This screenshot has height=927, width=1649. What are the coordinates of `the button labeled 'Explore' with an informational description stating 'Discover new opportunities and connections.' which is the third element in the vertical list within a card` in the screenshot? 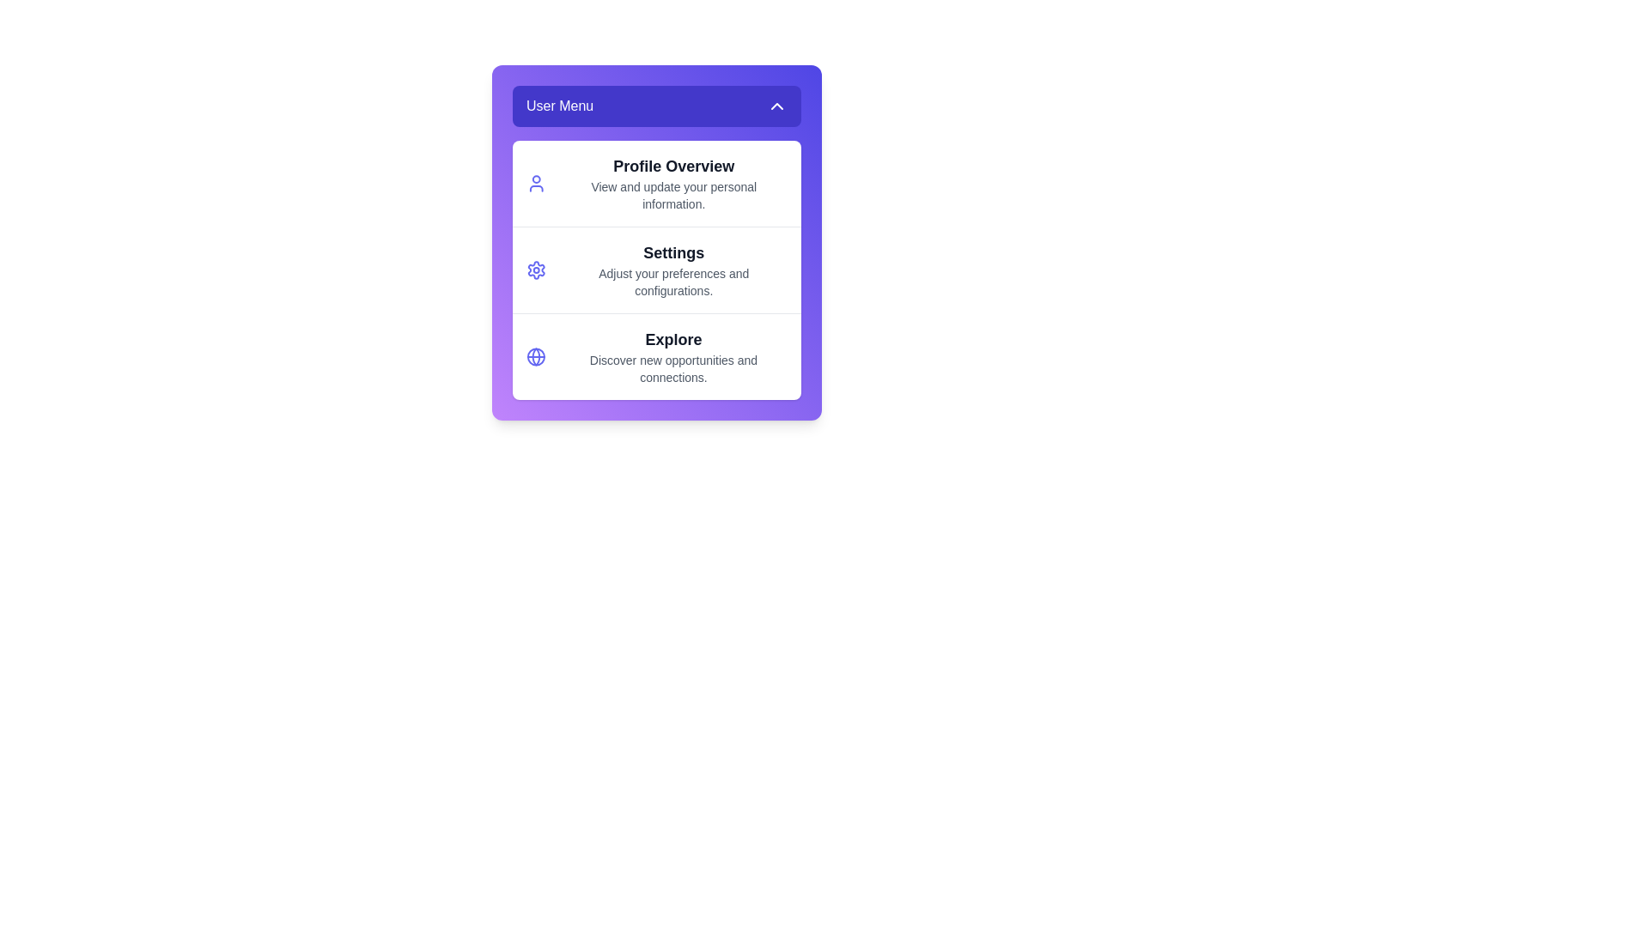 It's located at (655, 355).